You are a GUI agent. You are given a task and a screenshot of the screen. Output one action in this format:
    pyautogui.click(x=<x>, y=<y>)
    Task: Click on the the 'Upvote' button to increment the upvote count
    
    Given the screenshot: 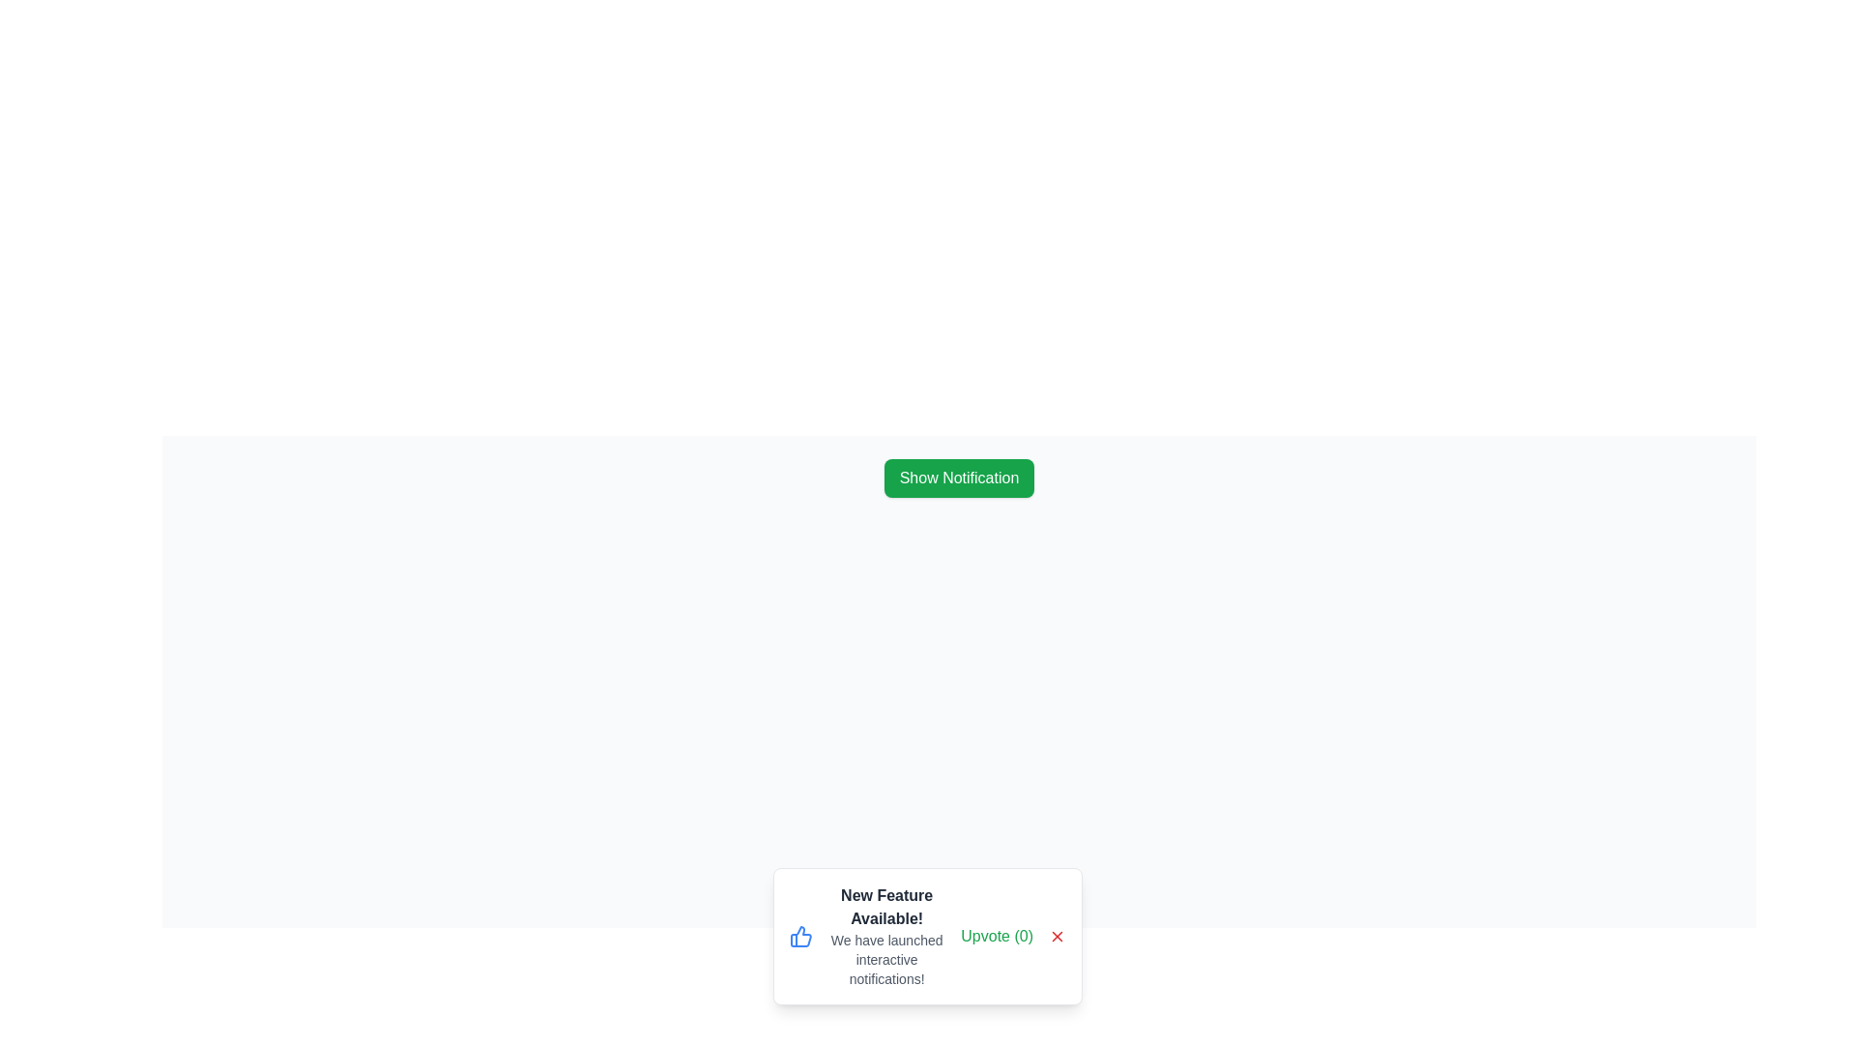 What is the action you would take?
    pyautogui.click(x=997, y=935)
    